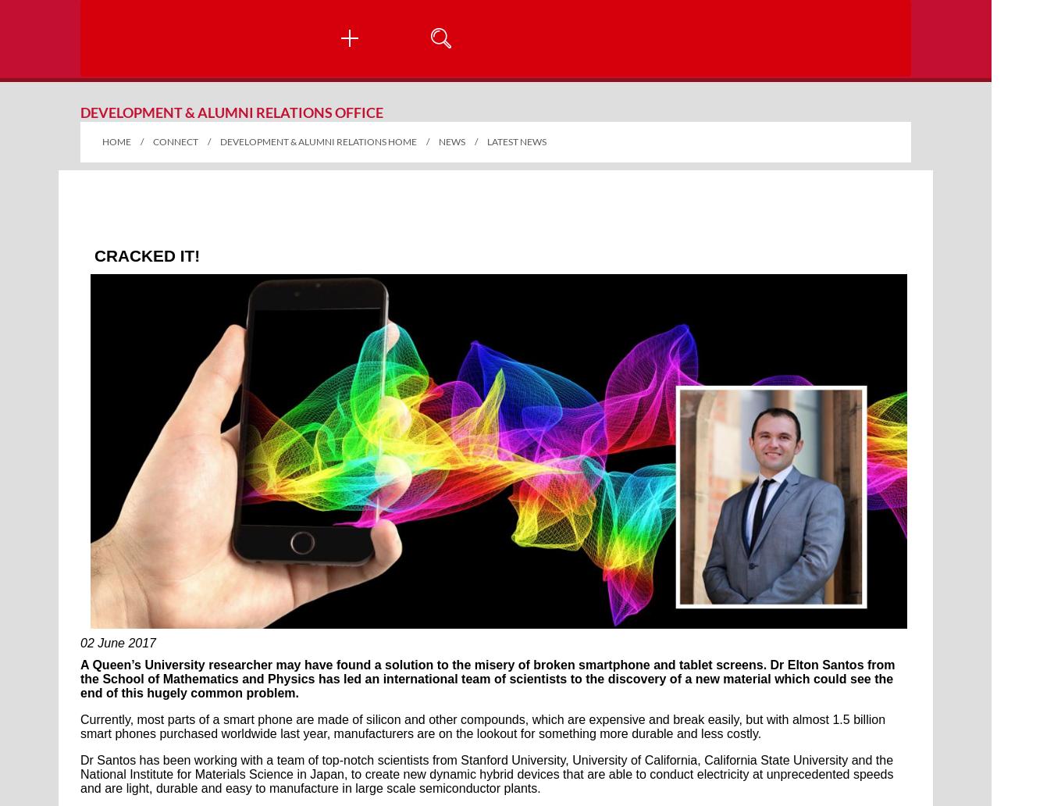 The image size is (1054, 806). Describe the element at coordinates (438, 140) in the screenshot. I see `'News'` at that location.